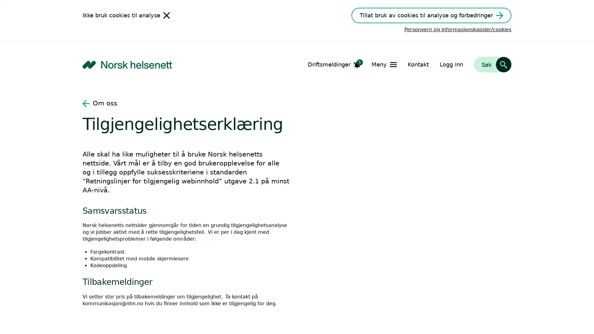 This screenshot has height=334, width=594. I want to click on Sk, so click(503, 64).